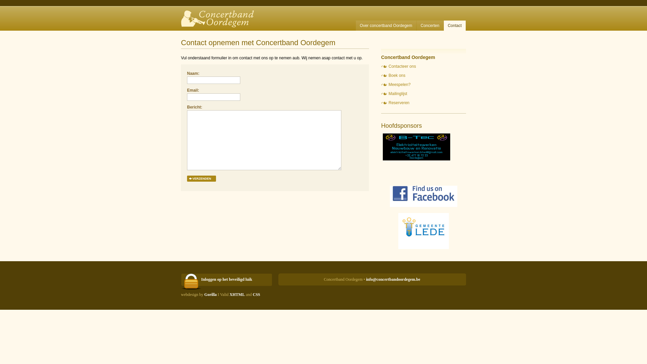 Image resolution: width=647 pixels, height=364 pixels. Describe the element at coordinates (237, 294) in the screenshot. I see `'XHTML'` at that location.